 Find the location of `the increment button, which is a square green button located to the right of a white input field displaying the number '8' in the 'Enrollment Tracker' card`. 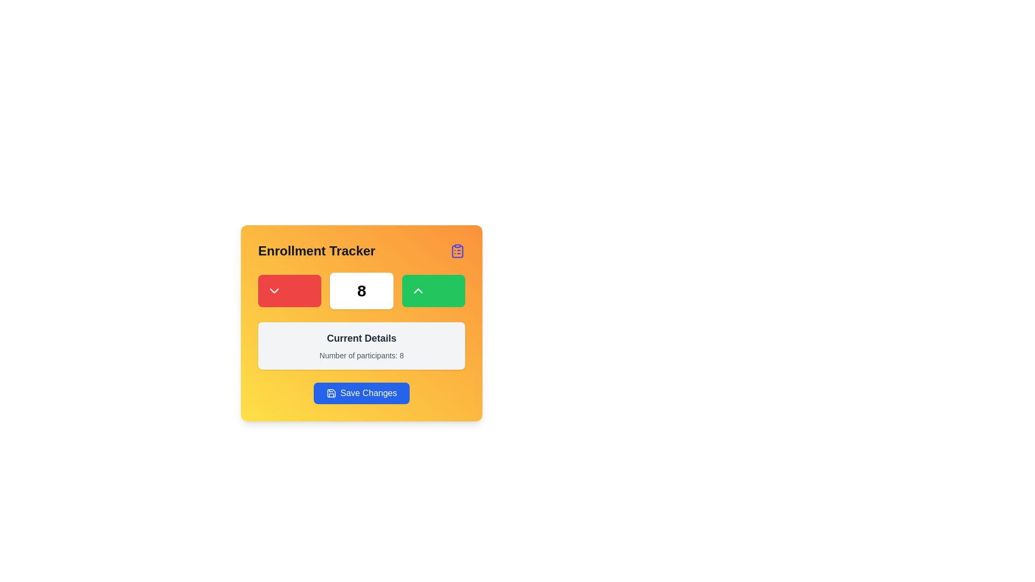

the increment button, which is a square green button located to the right of a white input field displaying the number '8' in the 'Enrollment Tracker' card is located at coordinates (417, 291).